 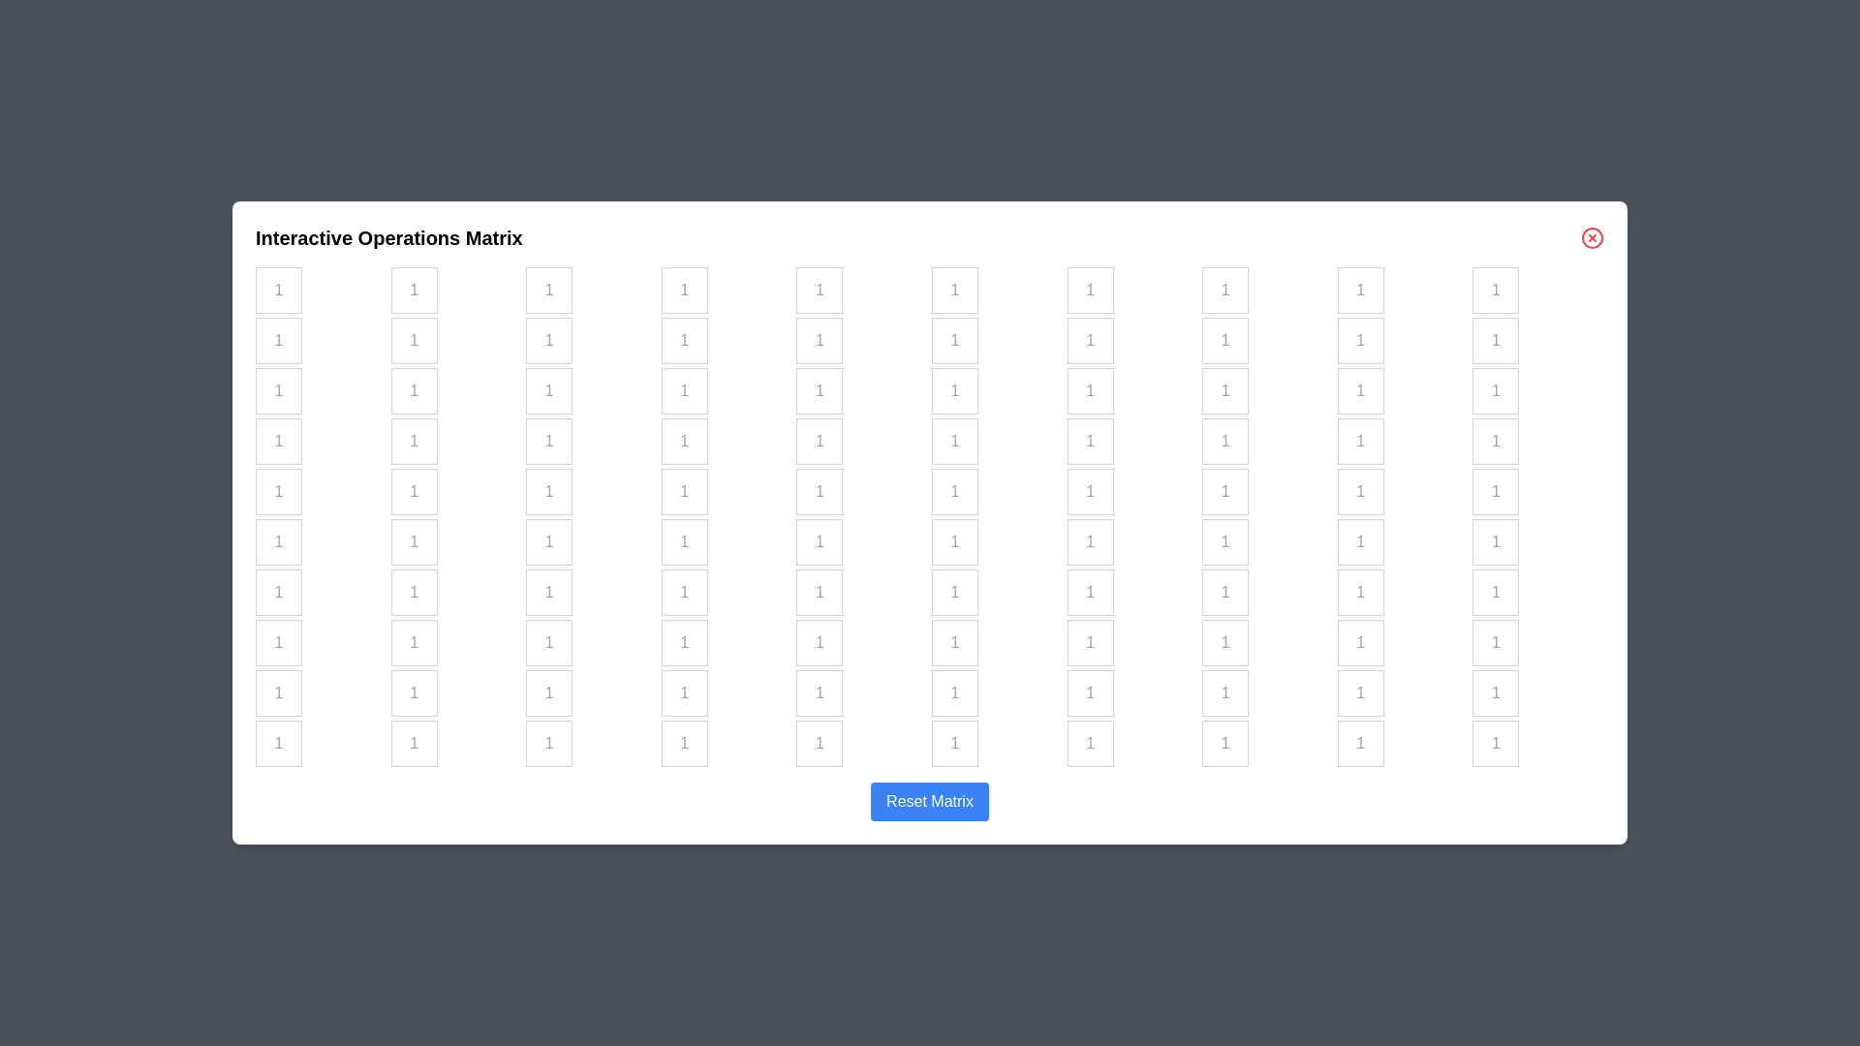 What do you see at coordinates (930, 802) in the screenshot?
I see `the 'Reset Matrix' button to reset the matrix to blank values` at bounding box center [930, 802].